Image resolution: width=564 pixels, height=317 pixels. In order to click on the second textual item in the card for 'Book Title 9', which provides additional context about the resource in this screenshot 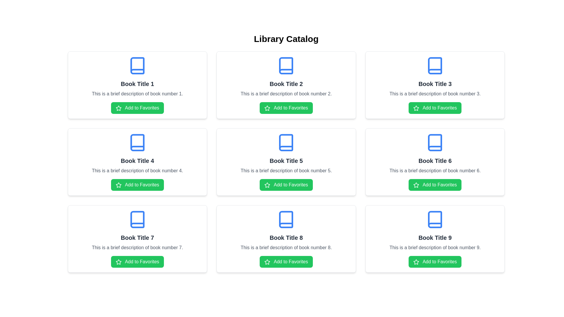, I will do `click(435, 248)`.